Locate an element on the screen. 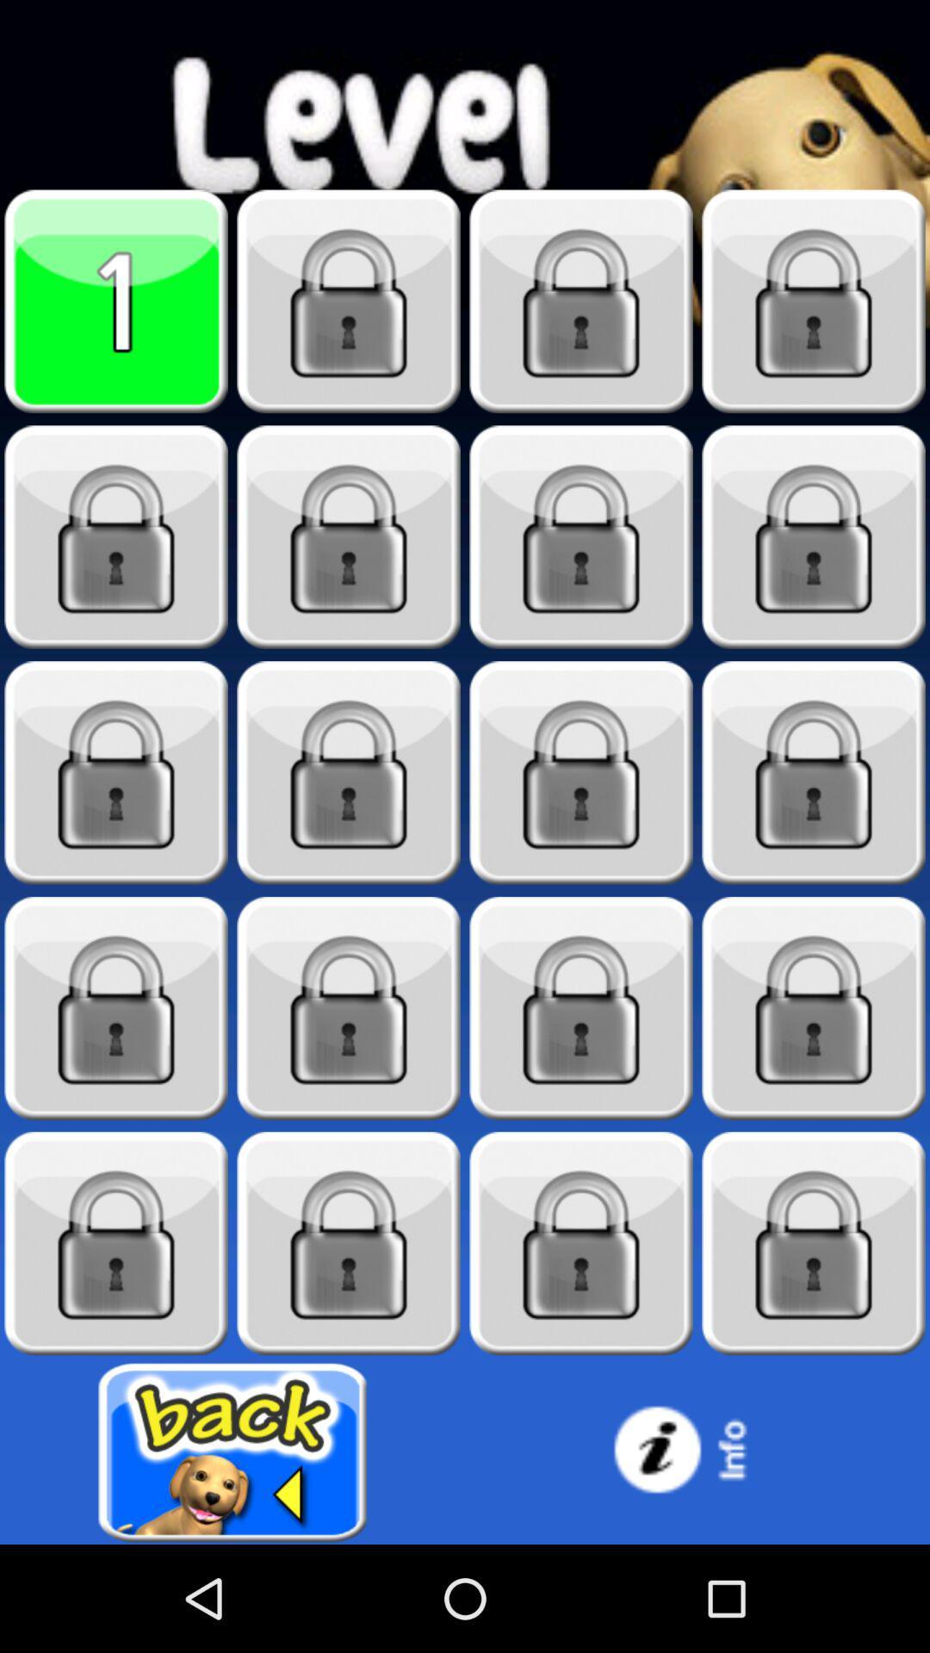  level 19 is located at coordinates (581, 1243).